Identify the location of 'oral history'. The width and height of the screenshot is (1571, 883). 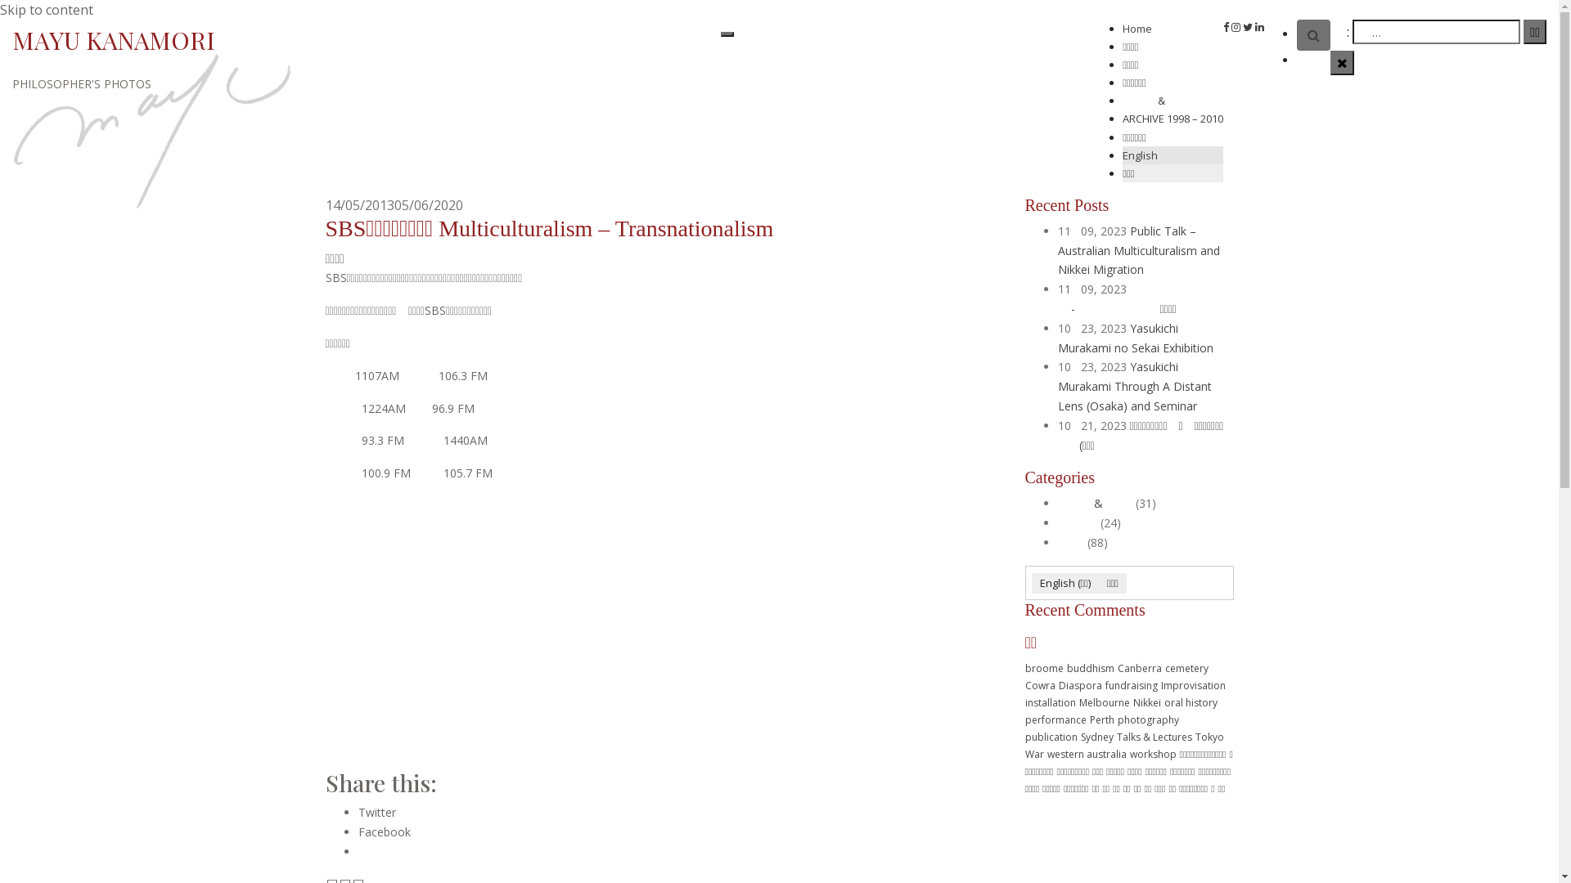
(1190, 701).